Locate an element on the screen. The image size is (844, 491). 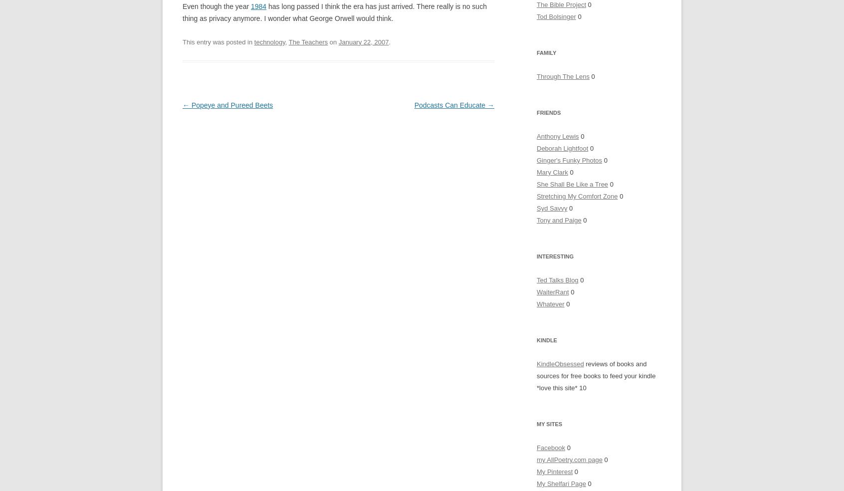
'Friends' is located at coordinates (548, 113).